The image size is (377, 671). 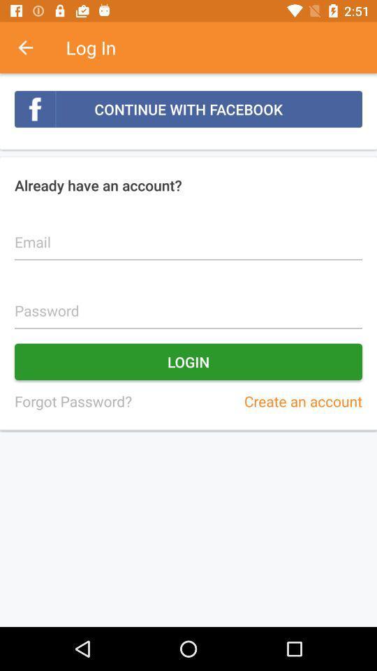 What do you see at coordinates (33, 48) in the screenshot?
I see `item above the continue with facebook icon` at bounding box center [33, 48].